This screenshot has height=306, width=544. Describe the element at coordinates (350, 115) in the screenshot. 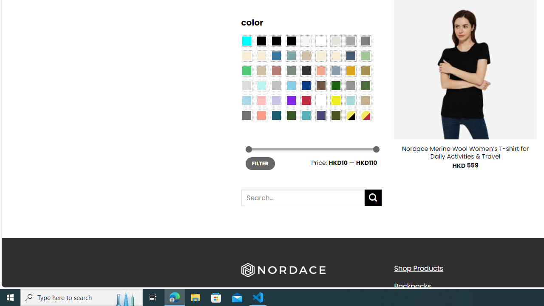

I see `'Yellow-Black'` at that location.